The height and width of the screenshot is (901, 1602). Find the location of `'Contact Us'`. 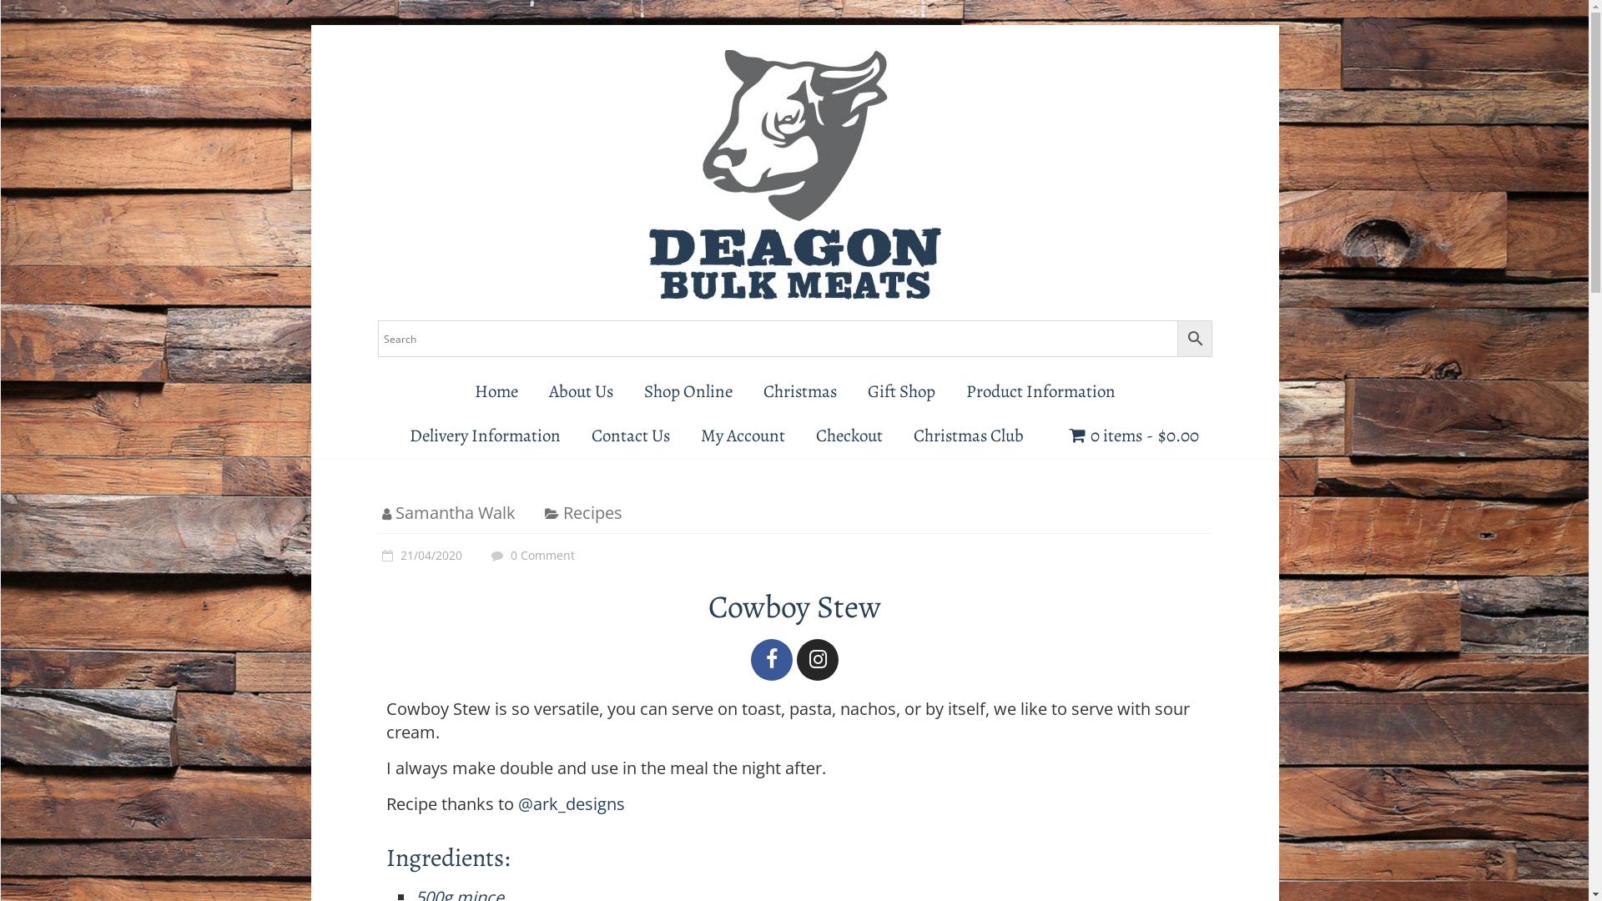

'Contact Us' is located at coordinates (630, 435).